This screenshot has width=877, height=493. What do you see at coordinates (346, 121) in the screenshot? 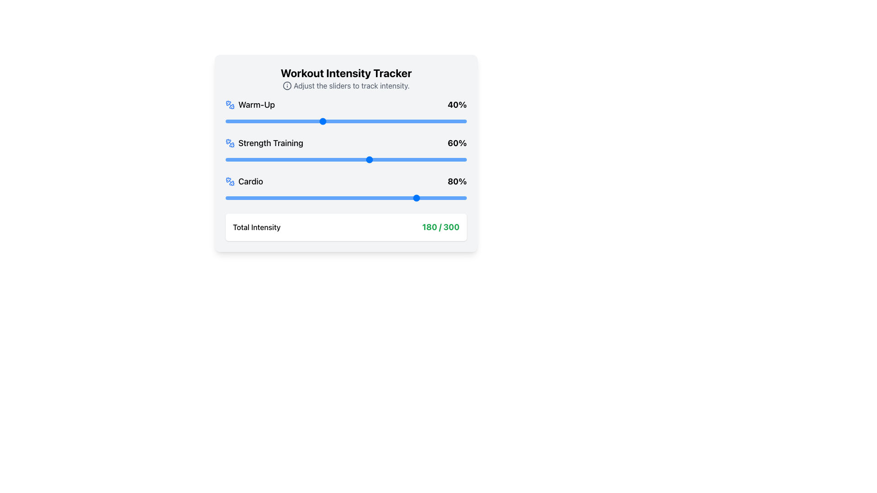
I see `the horizontal range slider input element located below the 'Warm-Up' label and '40%' text to perceive value information` at bounding box center [346, 121].